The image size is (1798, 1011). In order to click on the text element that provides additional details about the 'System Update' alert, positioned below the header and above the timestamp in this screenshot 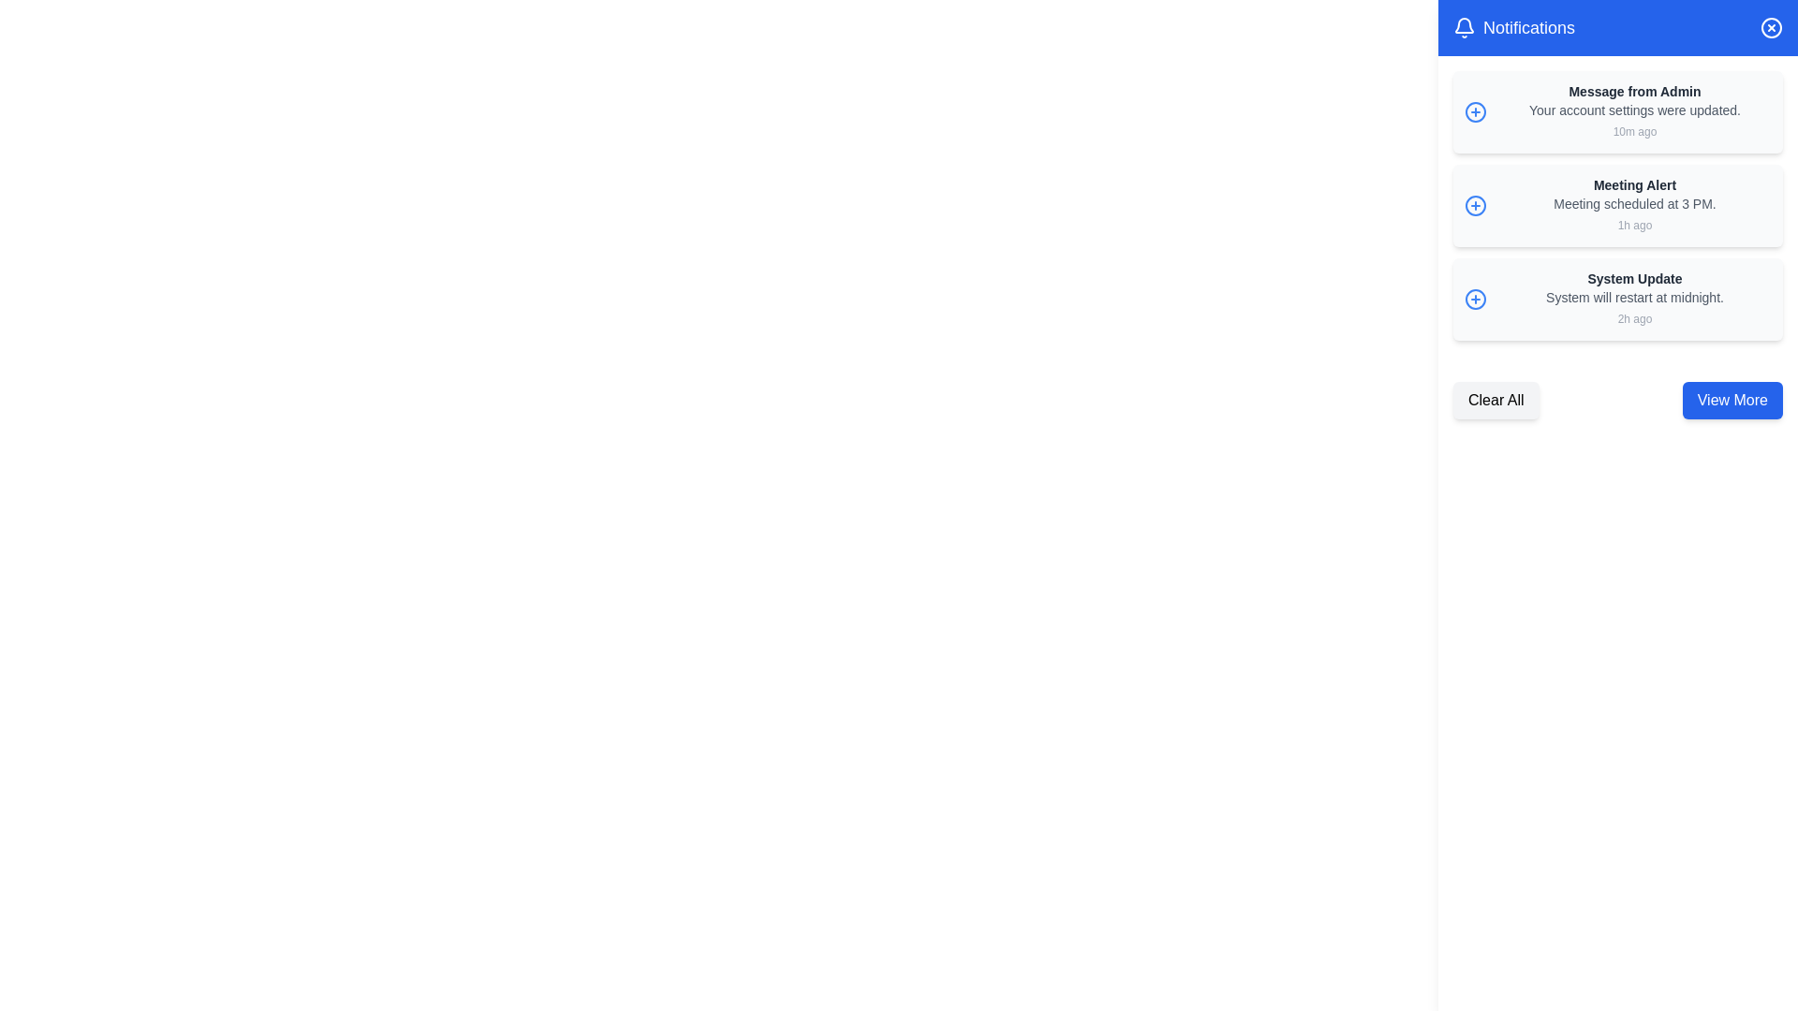, I will do `click(1634, 296)`.